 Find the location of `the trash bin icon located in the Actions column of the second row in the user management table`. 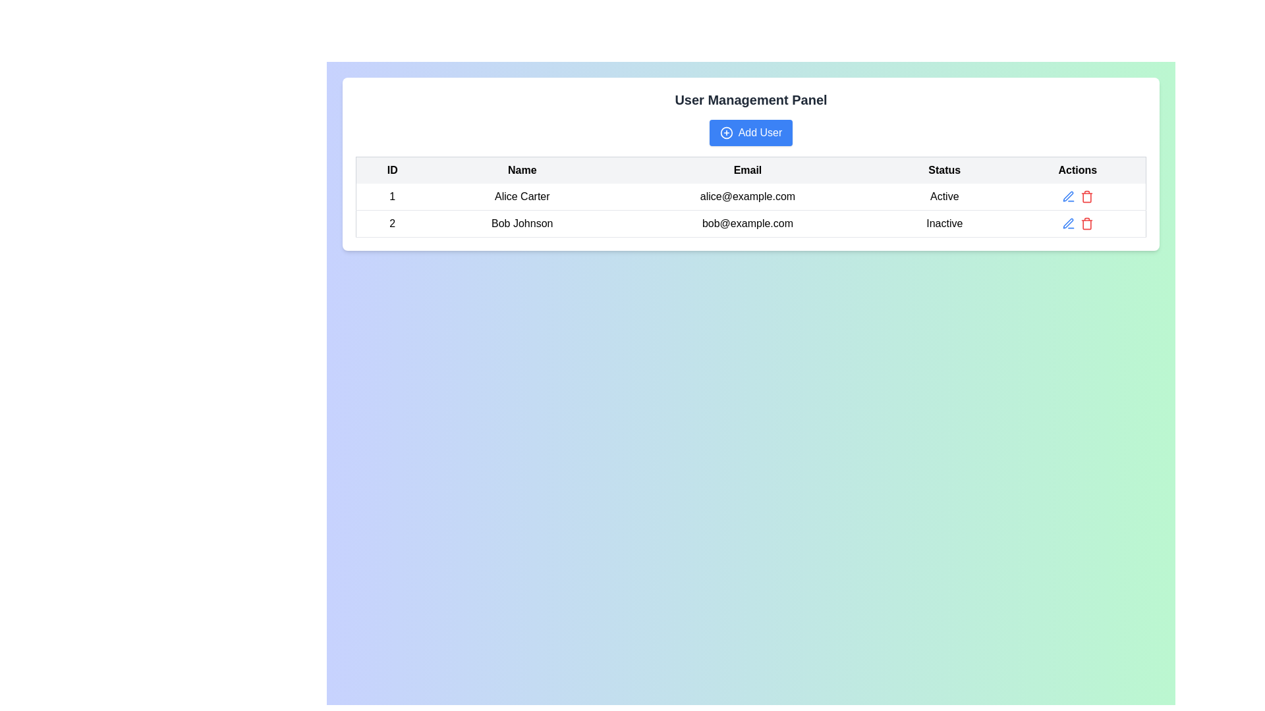

the trash bin icon located in the Actions column of the second row in the user management table is located at coordinates (1086, 224).